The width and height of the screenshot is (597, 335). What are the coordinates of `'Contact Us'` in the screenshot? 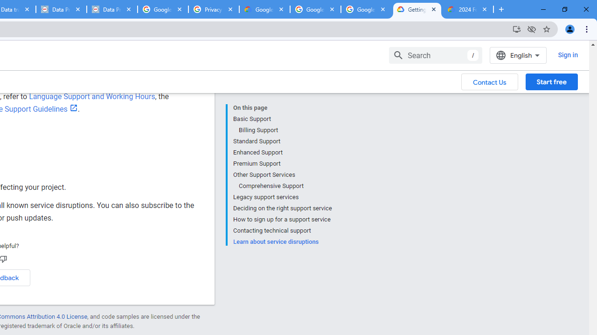 It's located at (489, 81).